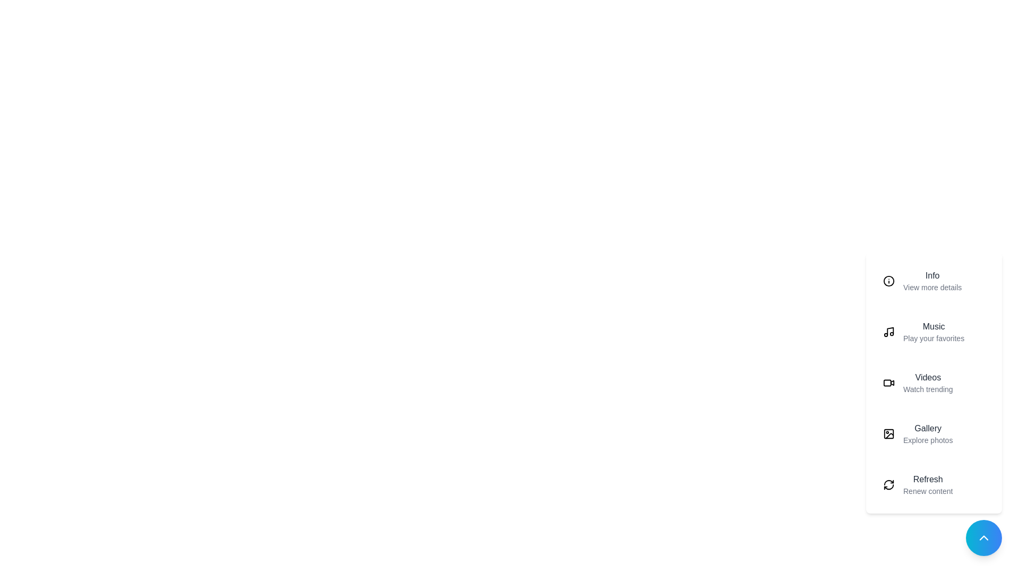  Describe the element at coordinates (934, 485) in the screenshot. I see `the 'Refresh' item to renew content` at that location.